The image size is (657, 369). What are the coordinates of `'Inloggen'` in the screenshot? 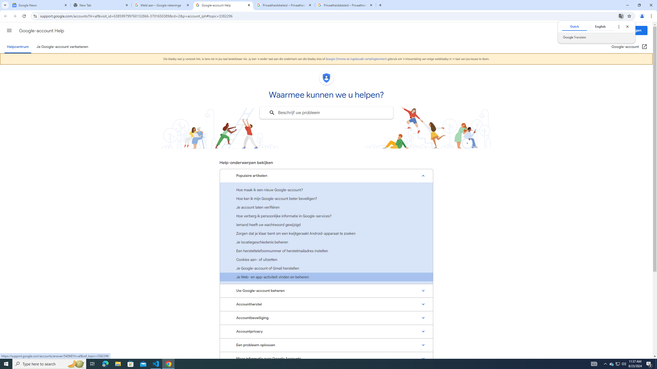 It's located at (634, 30).